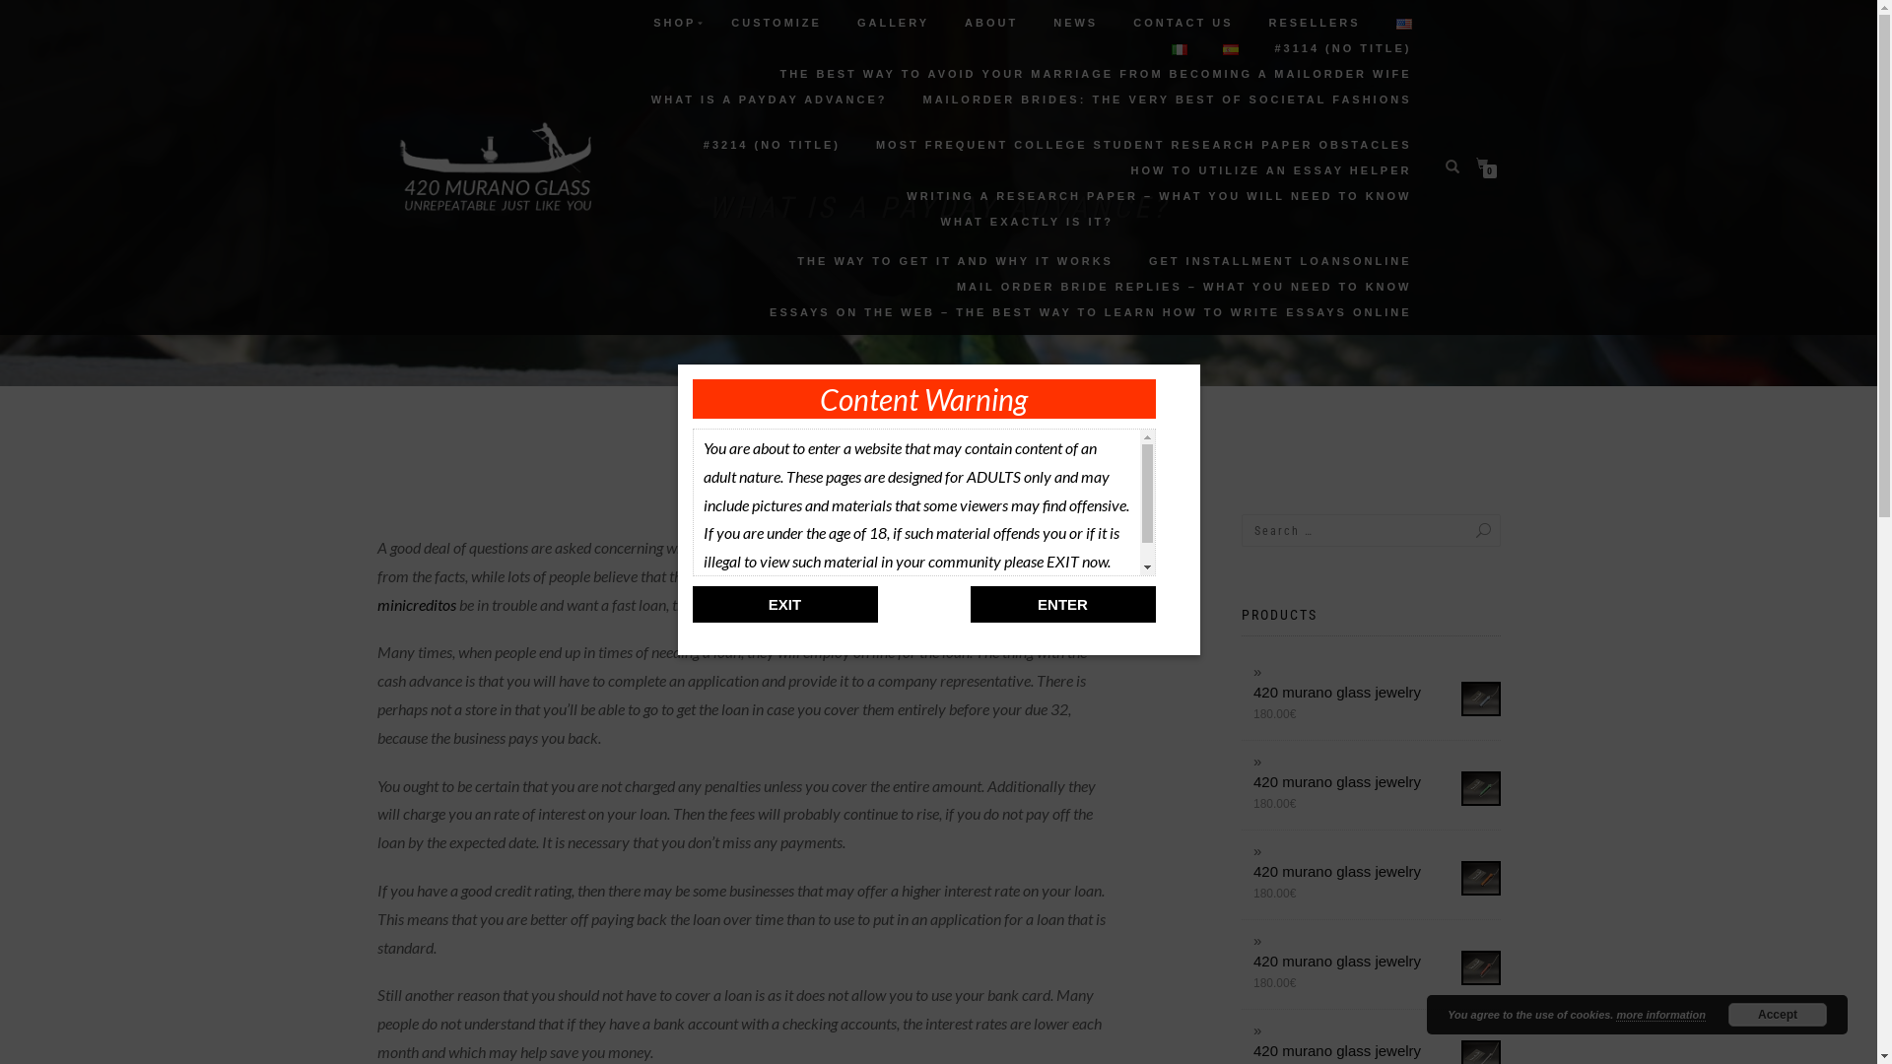 Image resolution: width=1892 pixels, height=1064 pixels. I want to click on 'CONTACT US', so click(1182, 23).